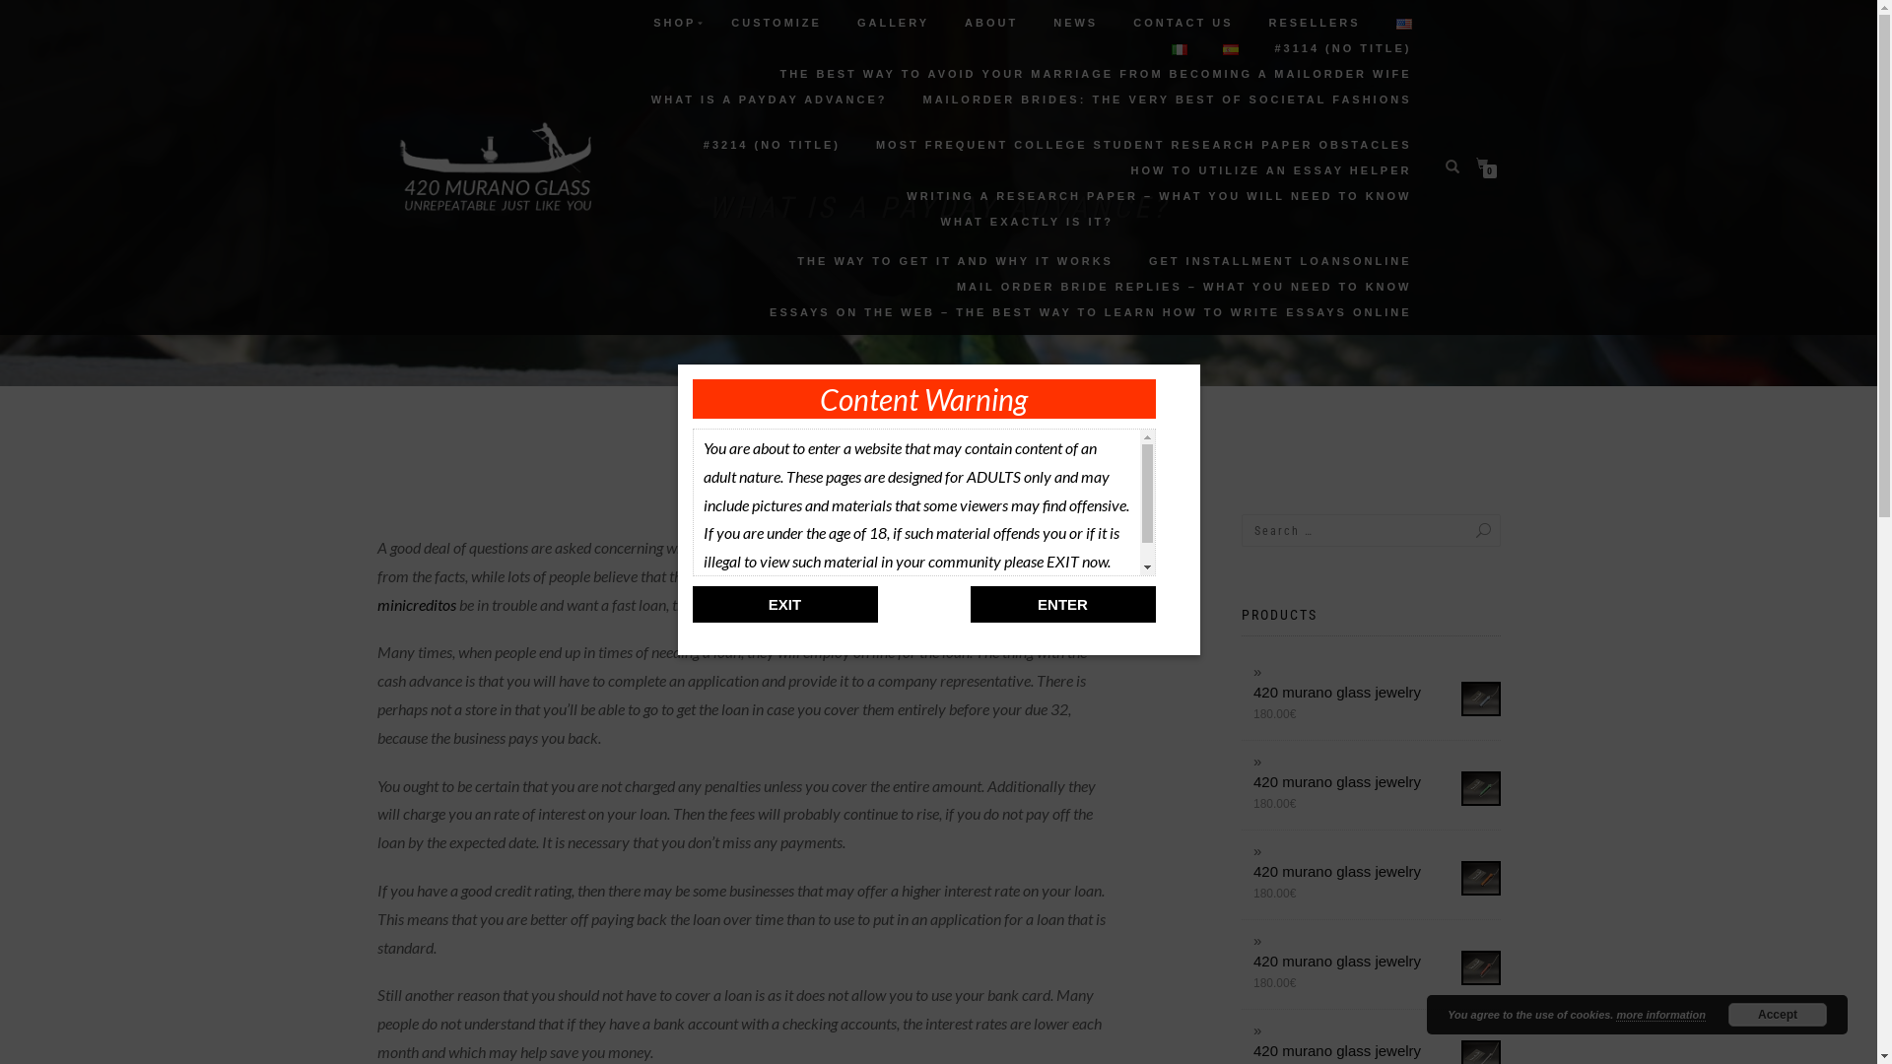 Image resolution: width=1892 pixels, height=1064 pixels. I want to click on 'CONTACT US', so click(1182, 23).